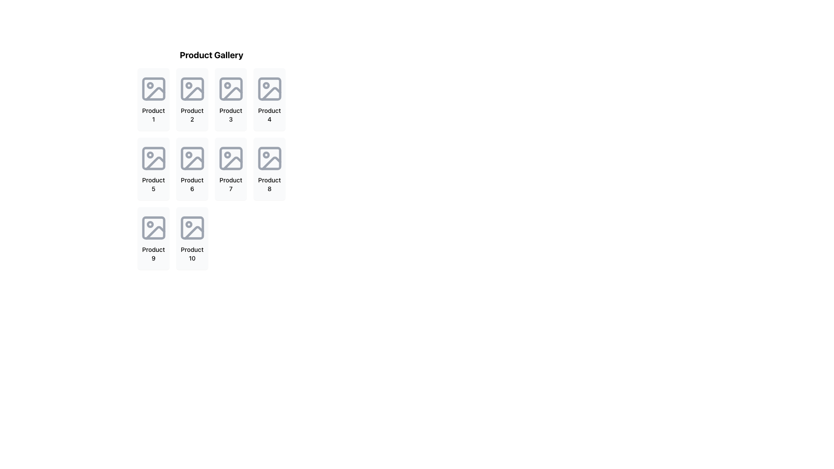 The height and width of the screenshot is (469, 834). Describe the element at coordinates (153, 159) in the screenshot. I see `Image Placeholder Icon located in the fifth position of the Product Gallery grid layout, centered above the label 'Product 5'` at that location.